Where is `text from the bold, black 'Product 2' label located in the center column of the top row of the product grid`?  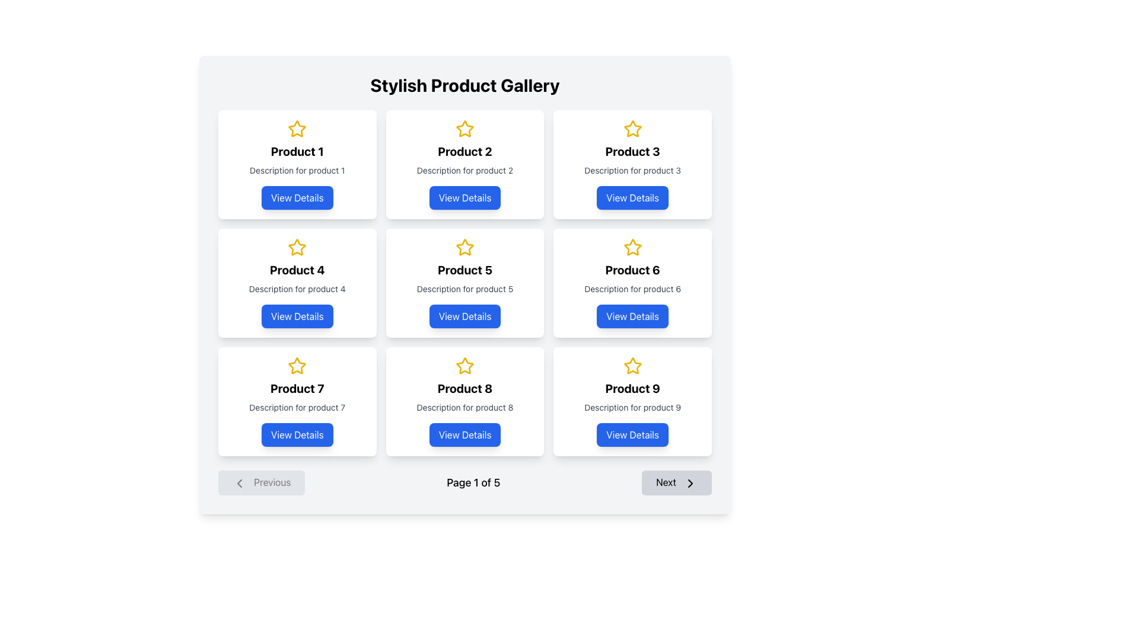
text from the bold, black 'Product 2' label located in the center column of the top row of the product grid is located at coordinates (464, 151).